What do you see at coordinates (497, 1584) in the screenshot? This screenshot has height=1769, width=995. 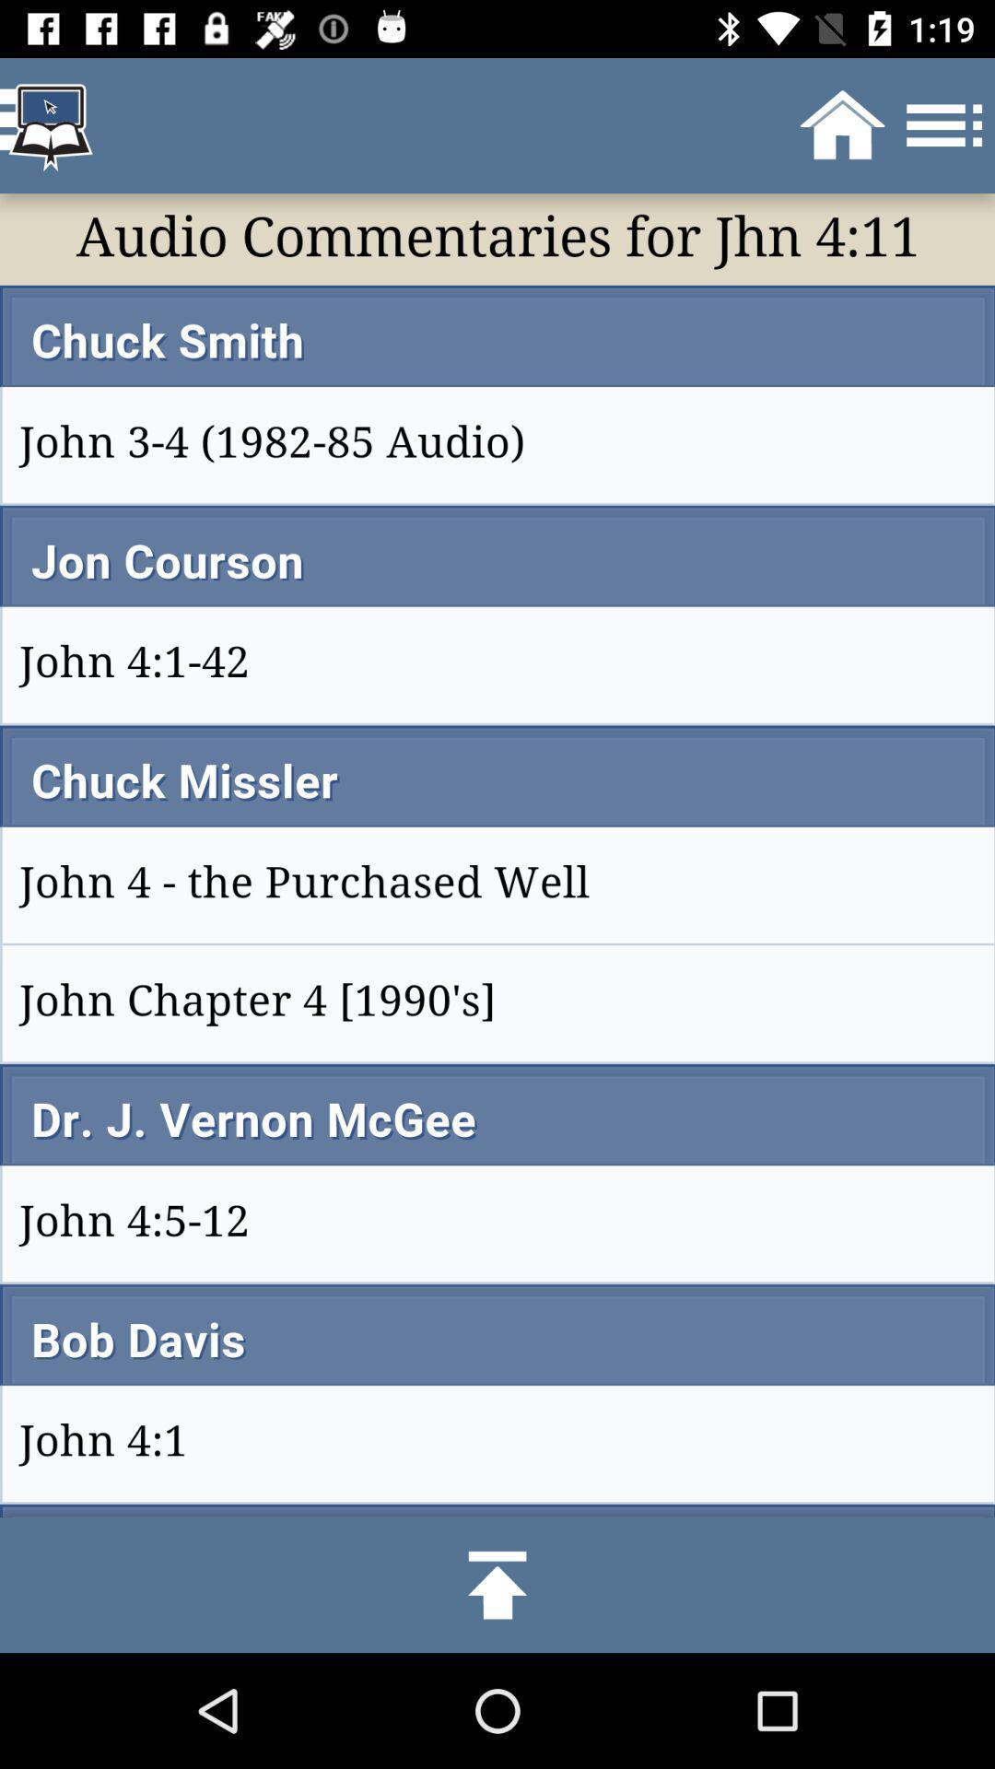 I see `click the upload option` at bounding box center [497, 1584].